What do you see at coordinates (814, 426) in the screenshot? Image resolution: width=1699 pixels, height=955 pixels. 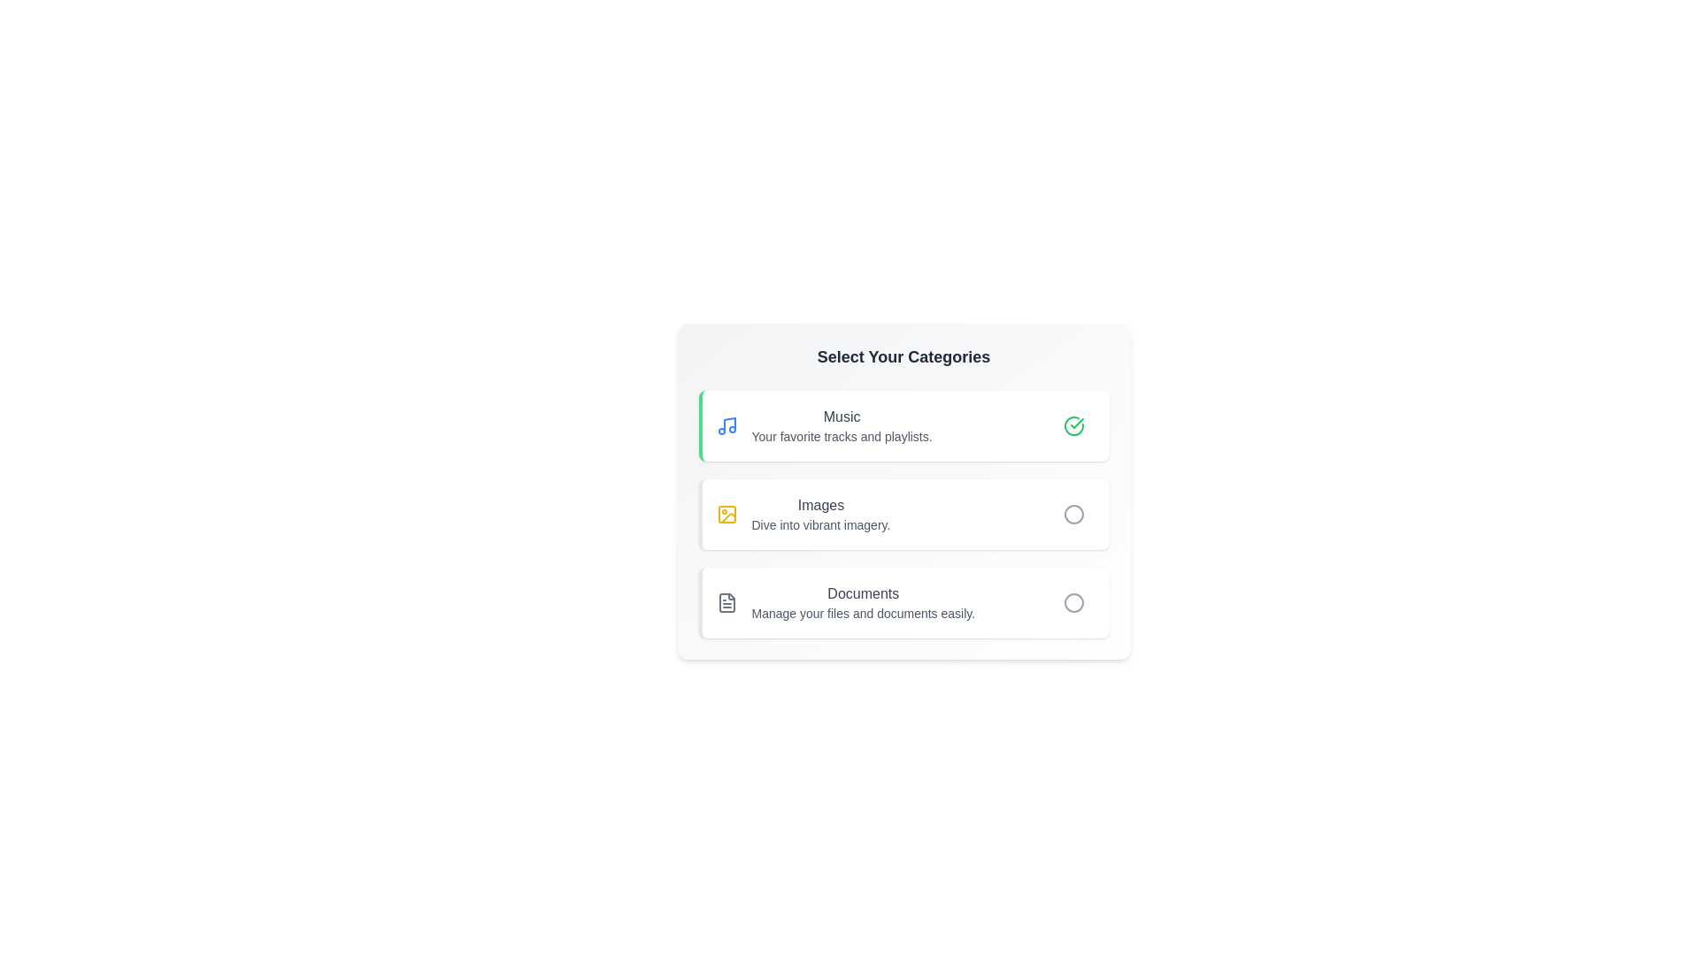 I see `the category Music to view its details` at bounding box center [814, 426].